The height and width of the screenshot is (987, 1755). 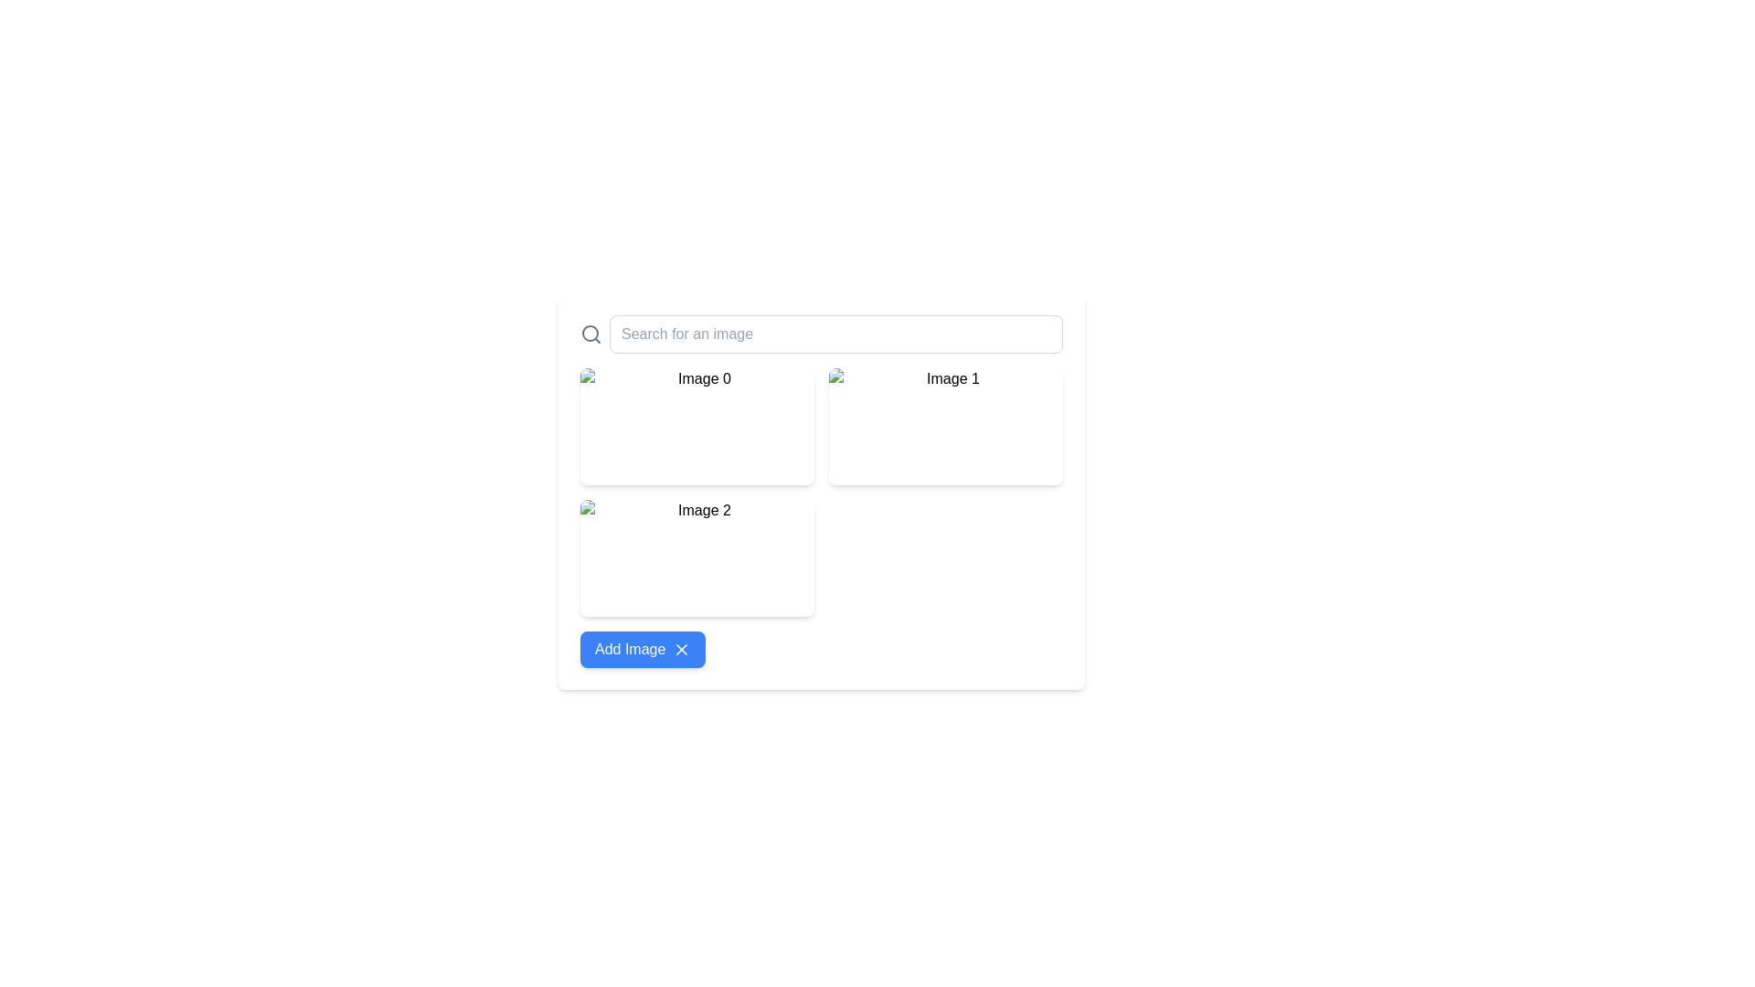 I want to click on the small 'X' icon located immediately to the right of the blue 'Add Image' button near the bottom of the interface, so click(x=681, y=648).